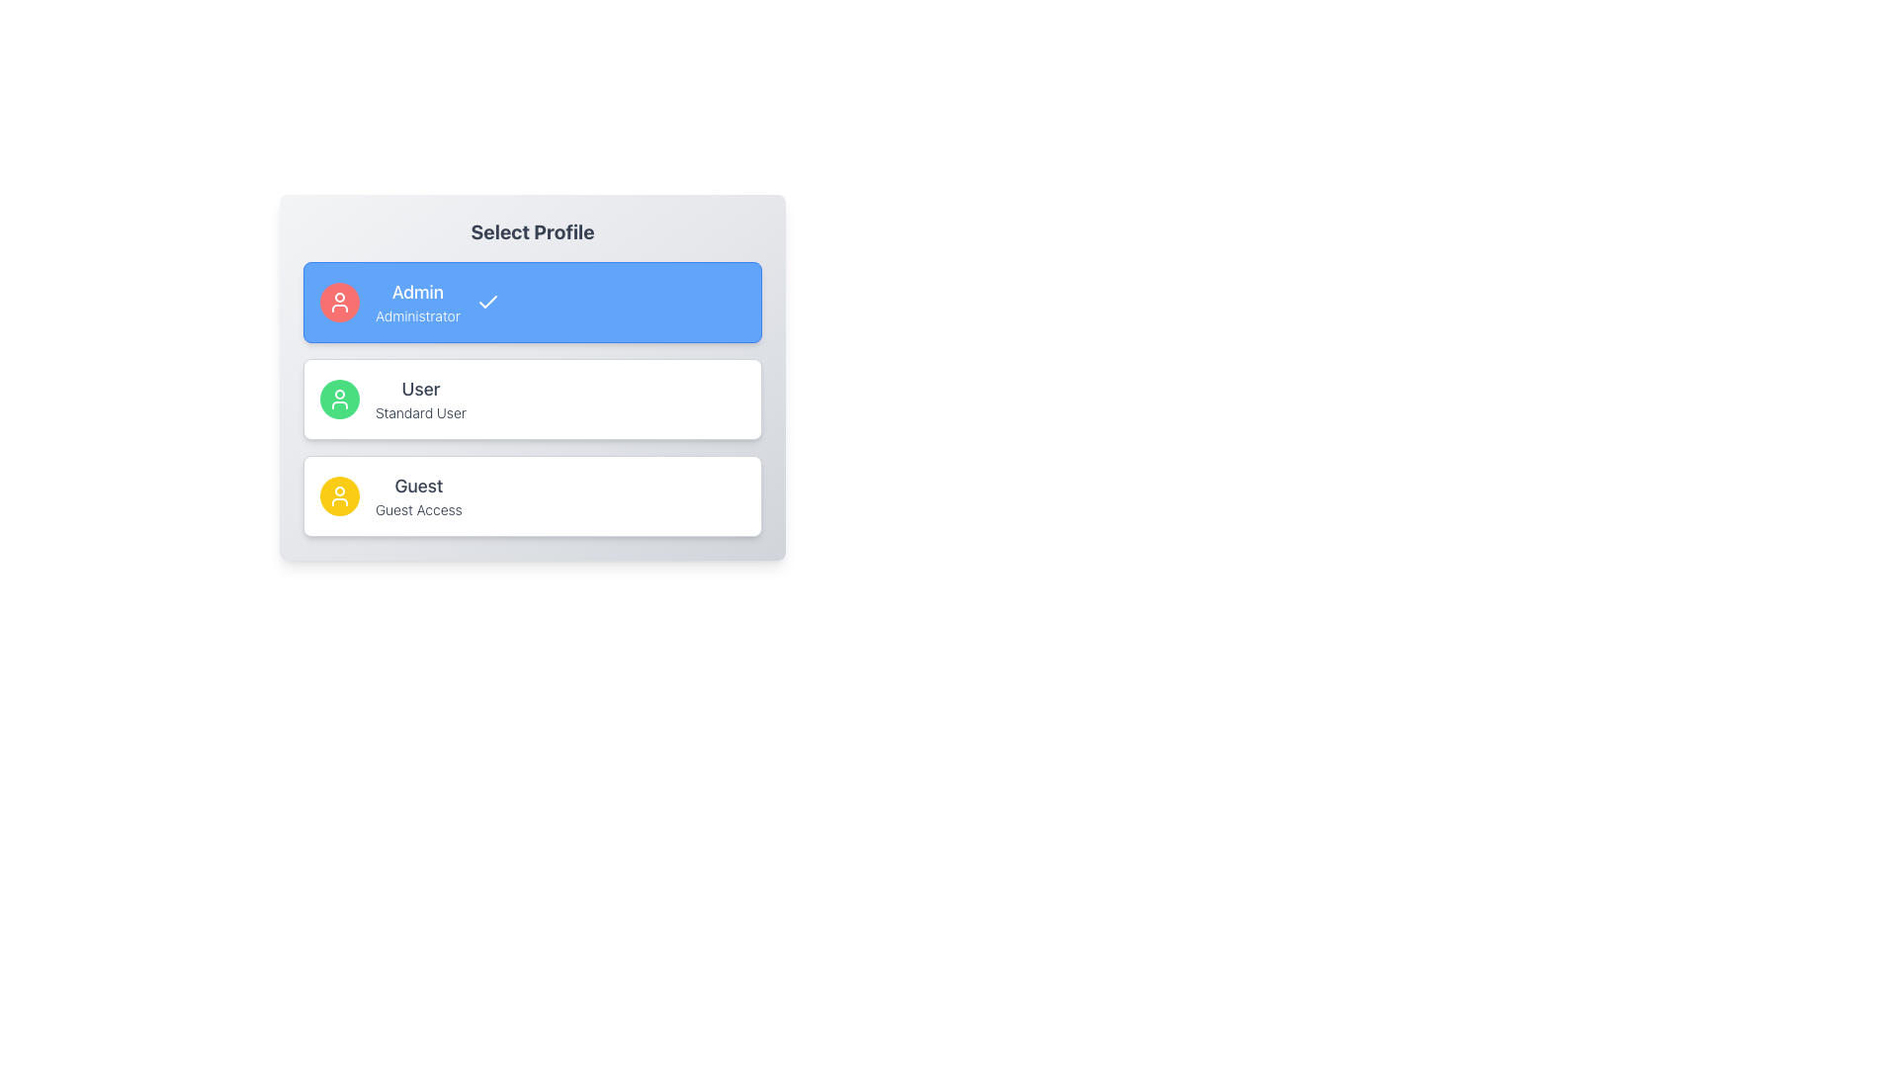  I want to click on the user silhouette icon encased in a yellow circular background, which represents the 'Guest' profile option, the third option in the profile selection interface, so click(340, 494).